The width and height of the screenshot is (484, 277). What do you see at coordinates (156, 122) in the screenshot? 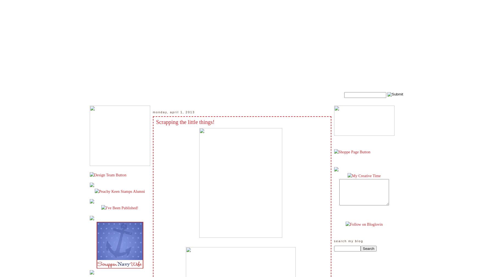
I see `'Scrapping the little things!'` at bounding box center [156, 122].